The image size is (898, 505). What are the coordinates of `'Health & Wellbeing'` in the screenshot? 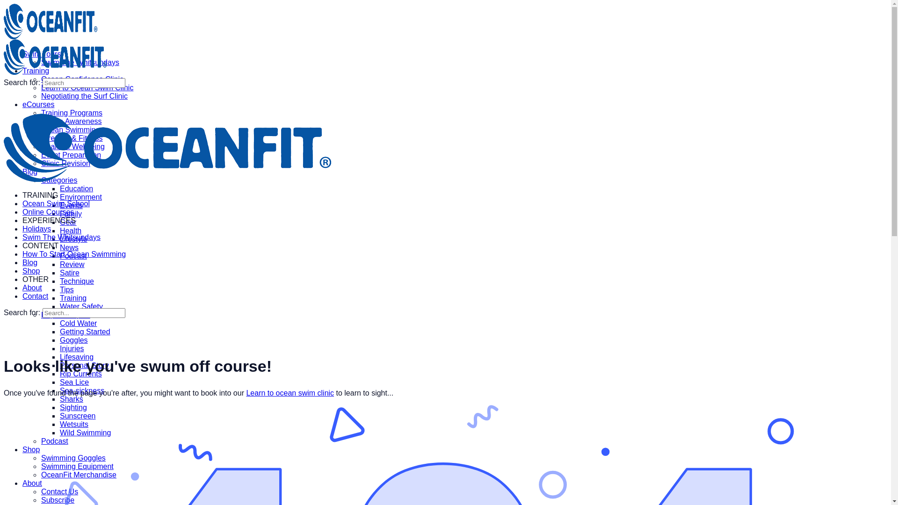 It's located at (72, 146).